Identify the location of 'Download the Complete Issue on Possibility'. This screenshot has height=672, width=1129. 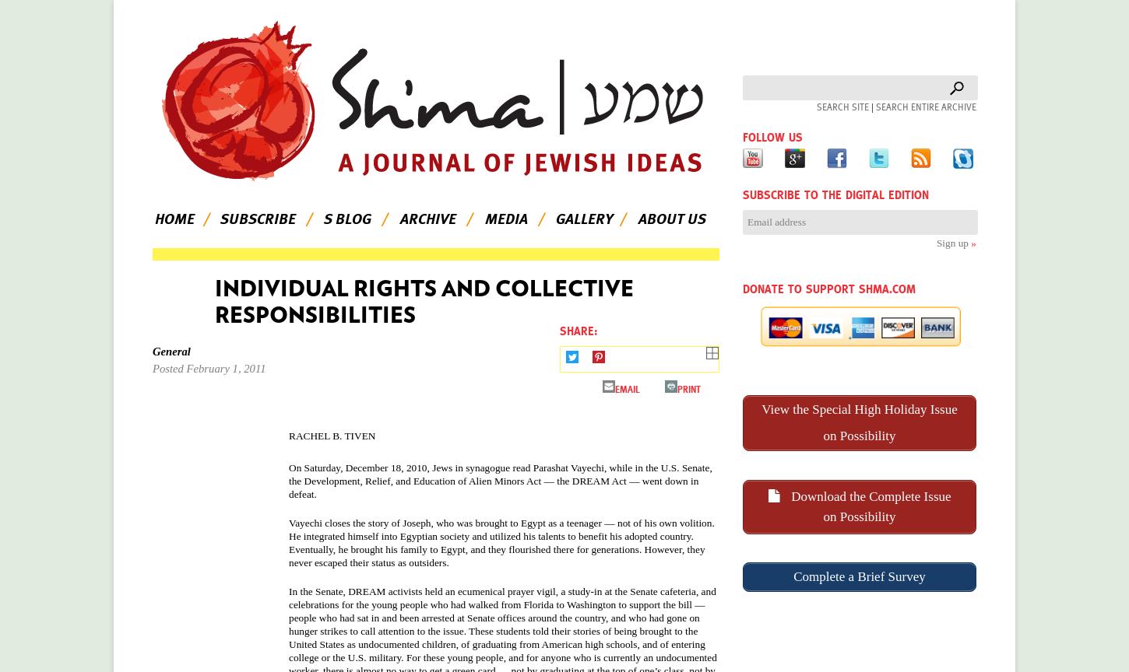
(868, 506).